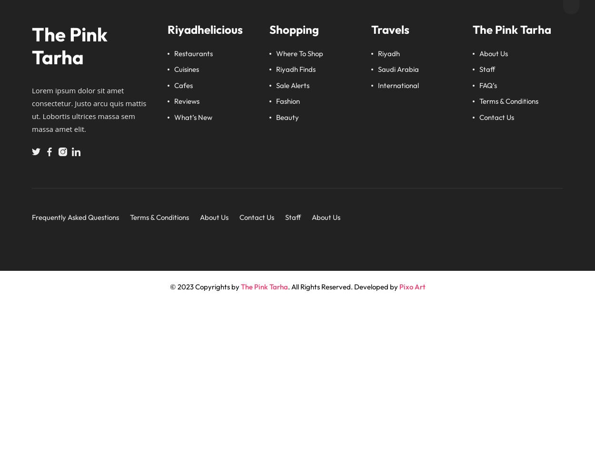 This screenshot has height=476, width=595. I want to click on 'Frequently Asked Questions', so click(75, 217).